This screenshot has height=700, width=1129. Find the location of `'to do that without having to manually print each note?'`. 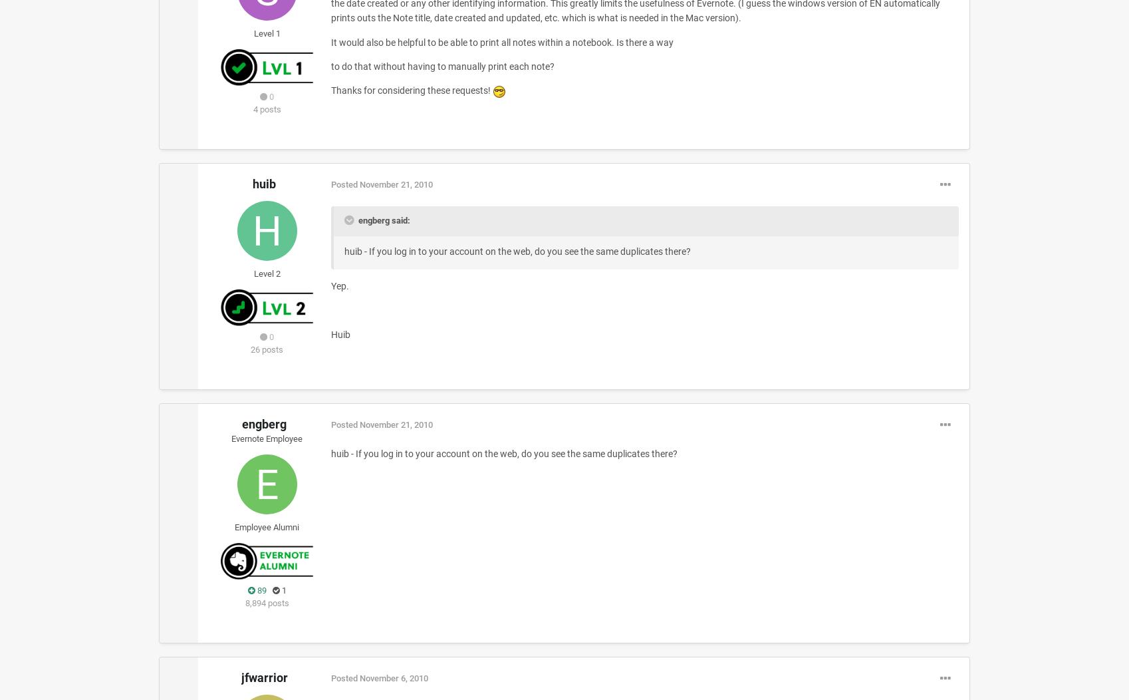

'to do that without having to manually print each note?' is located at coordinates (441, 65).